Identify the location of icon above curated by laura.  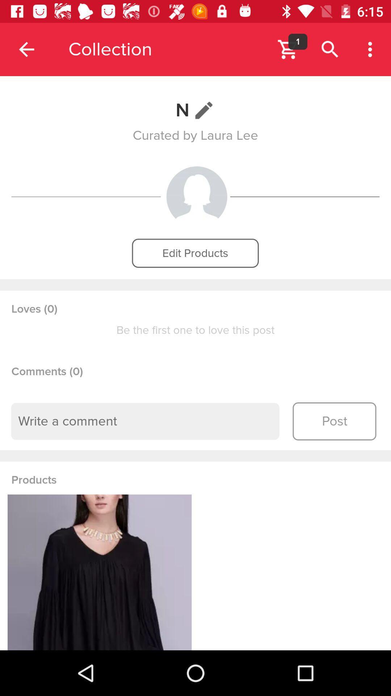
(195, 110).